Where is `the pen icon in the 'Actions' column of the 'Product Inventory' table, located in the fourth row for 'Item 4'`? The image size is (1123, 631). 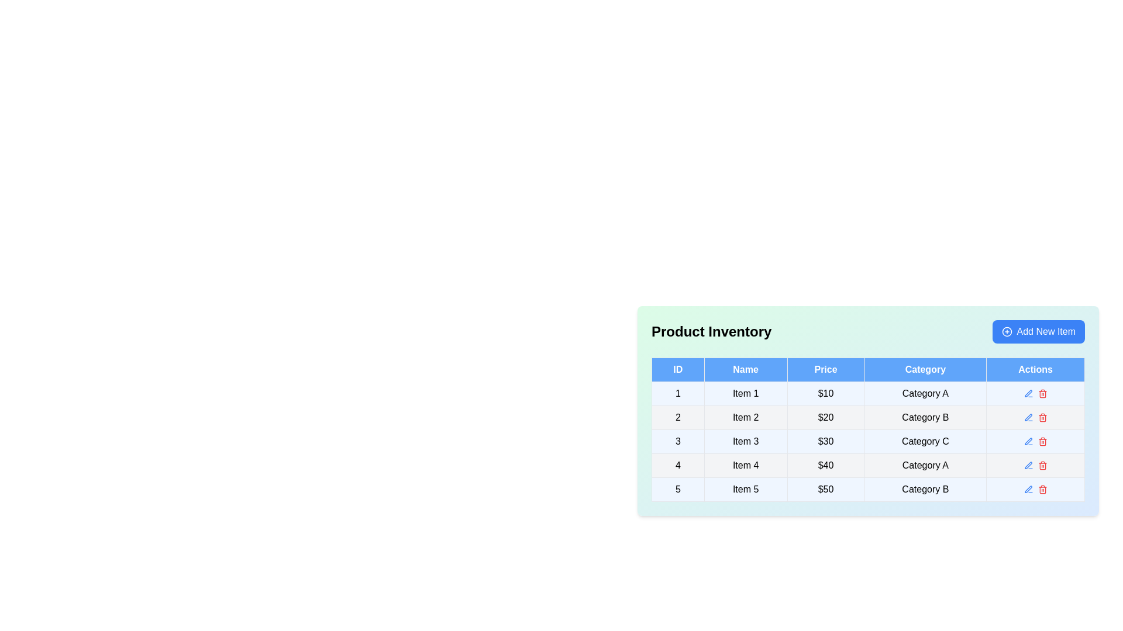
the pen icon in the 'Actions' column of the 'Product Inventory' table, located in the fourth row for 'Item 4' is located at coordinates (1027, 464).